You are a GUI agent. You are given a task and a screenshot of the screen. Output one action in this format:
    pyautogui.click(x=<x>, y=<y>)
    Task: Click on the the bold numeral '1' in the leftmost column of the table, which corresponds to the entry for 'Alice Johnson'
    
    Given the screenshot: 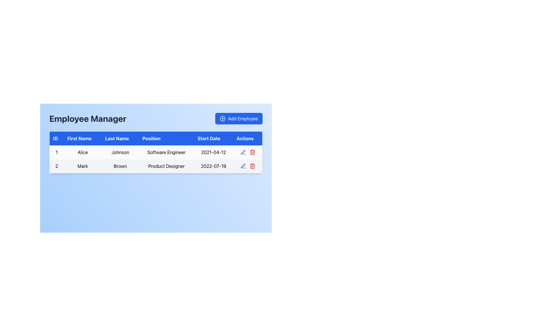 What is the action you would take?
    pyautogui.click(x=57, y=152)
    